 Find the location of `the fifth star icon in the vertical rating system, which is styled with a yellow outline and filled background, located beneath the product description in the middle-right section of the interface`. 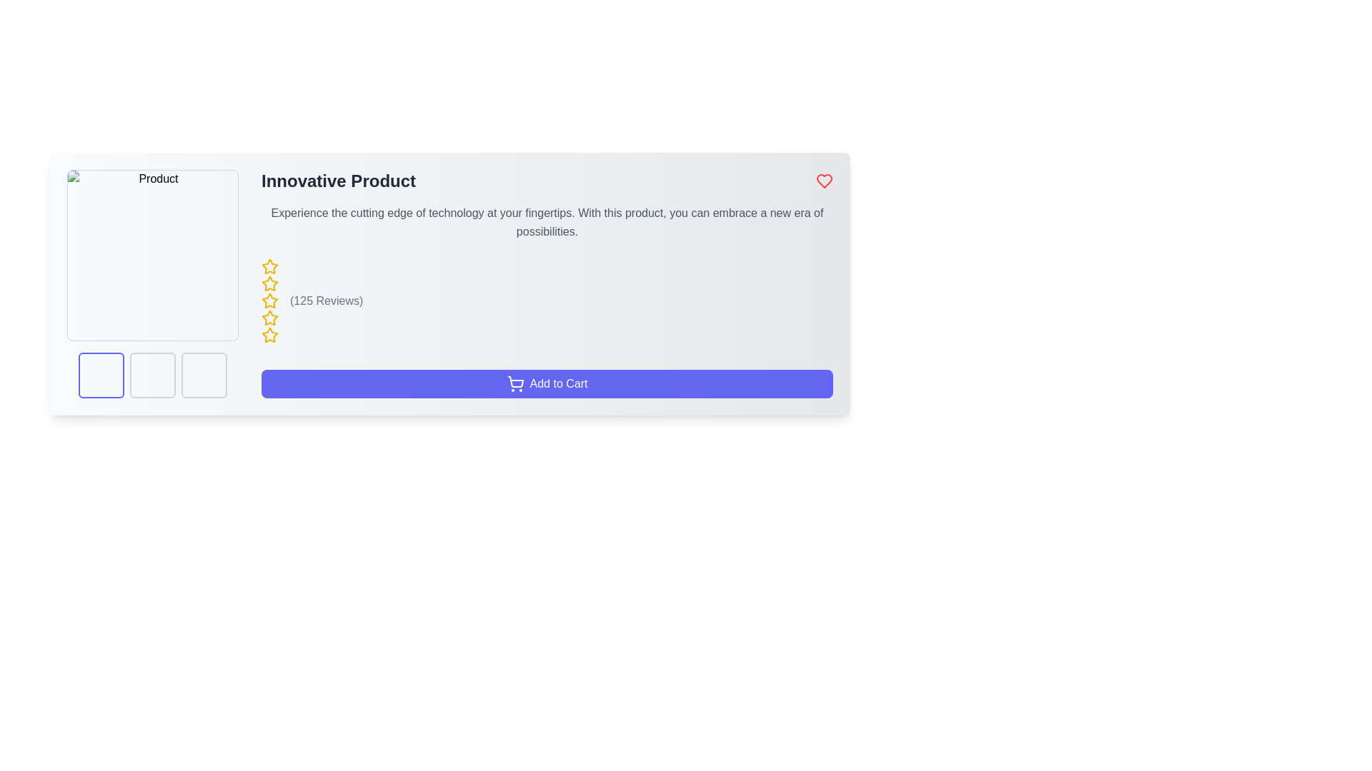

the fifth star icon in the vertical rating system, which is styled with a yellow outline and filled background, located beneath the product description in the middle-right section of the interface is located at coordinates (270, 318).